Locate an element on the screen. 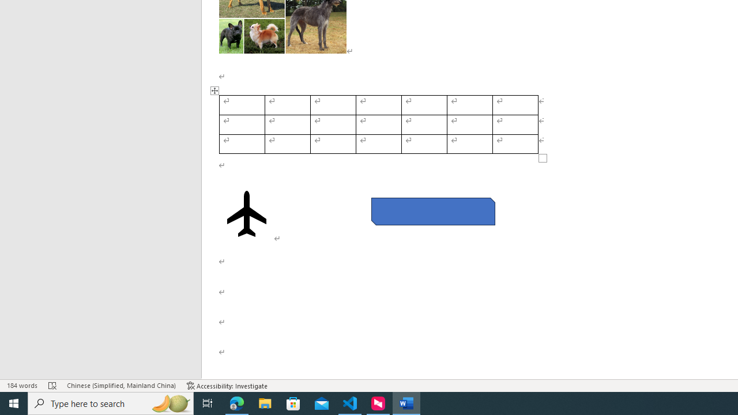 The image size is (738, 415). 'Microsoft Store' is located at coordinates (293, 402).